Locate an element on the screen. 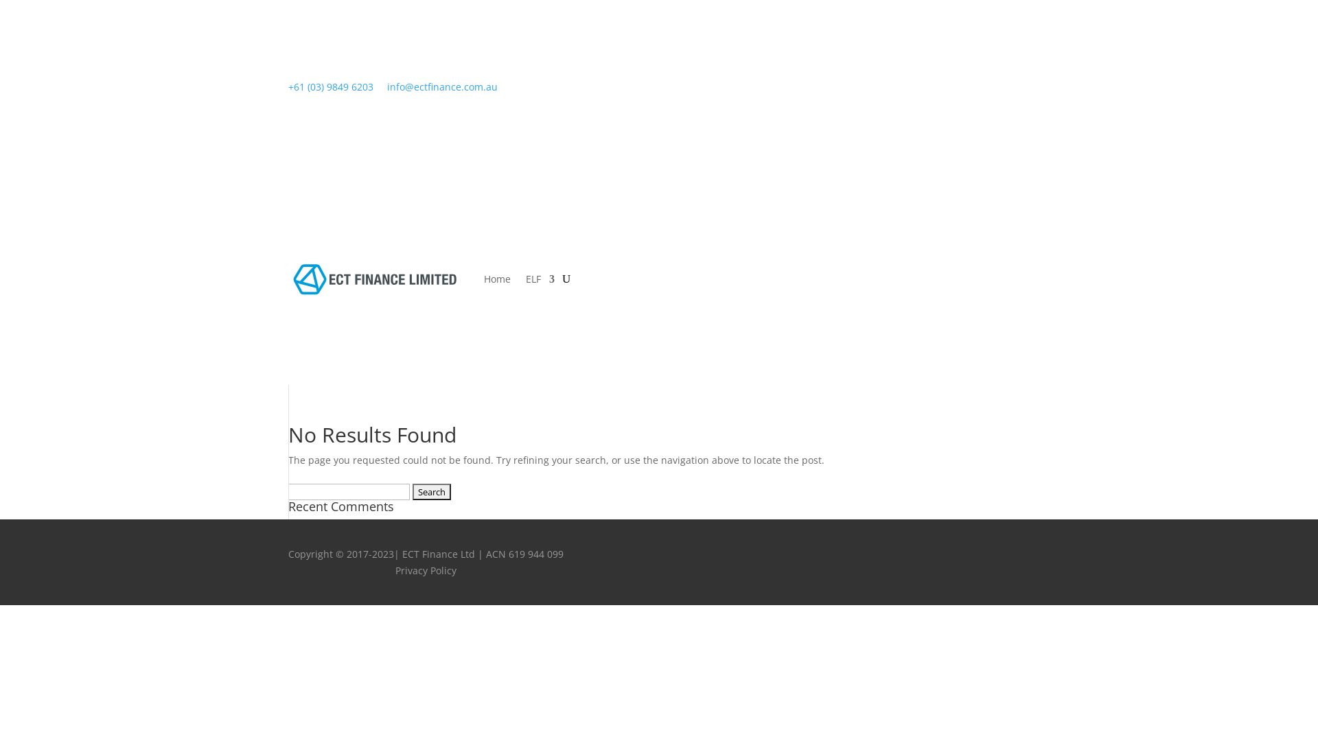  'Search' is located at coordinates (430, 491).